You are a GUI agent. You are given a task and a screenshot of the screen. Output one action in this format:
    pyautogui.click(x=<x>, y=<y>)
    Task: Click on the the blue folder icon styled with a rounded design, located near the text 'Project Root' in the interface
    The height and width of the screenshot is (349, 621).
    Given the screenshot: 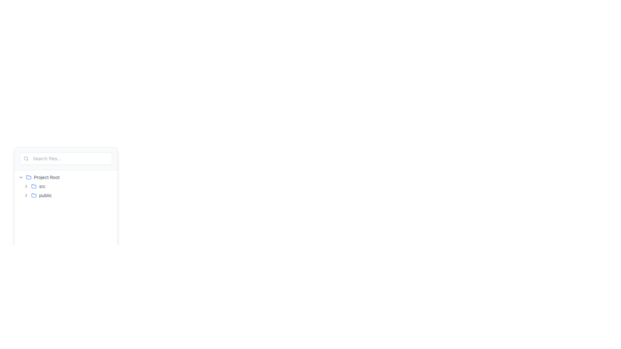 What is the action you would take?
    pyautogui.click(x=28, y=177)
    